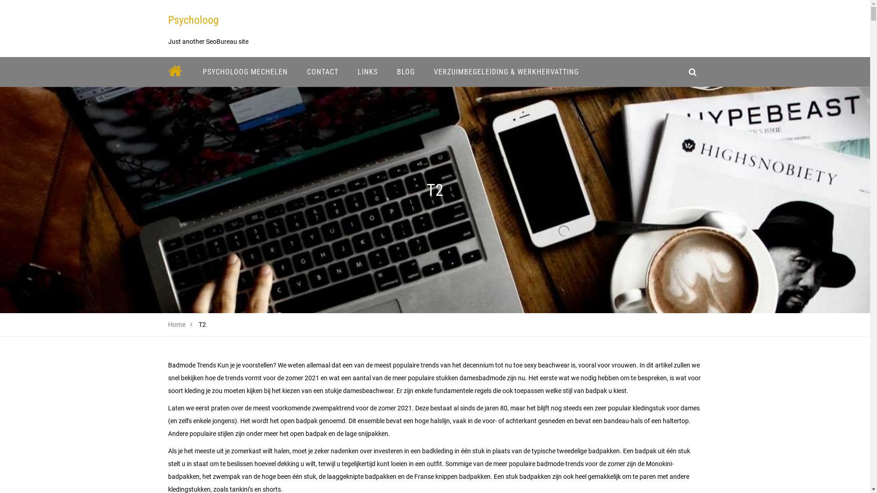 Image resolution: width=877 pixels, height=493 pixels. What do you see at coordinates (300, 71) in the screenshot?
I see `'CONTACT'` at bounding box center [300, 71].